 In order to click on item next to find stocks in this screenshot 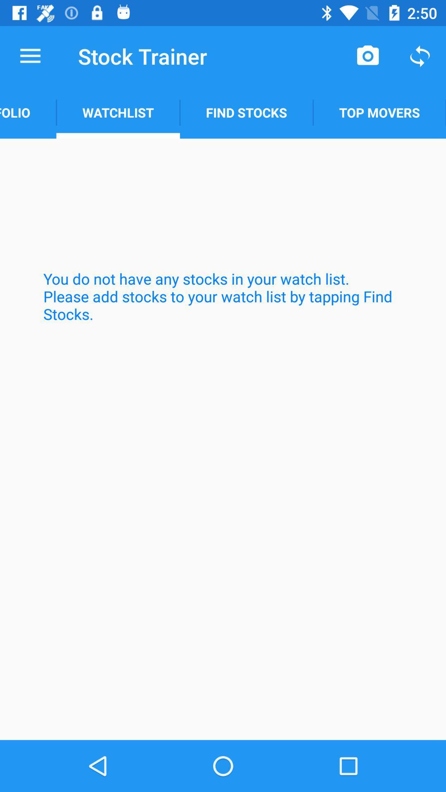, I will do `click(380, 112)`.